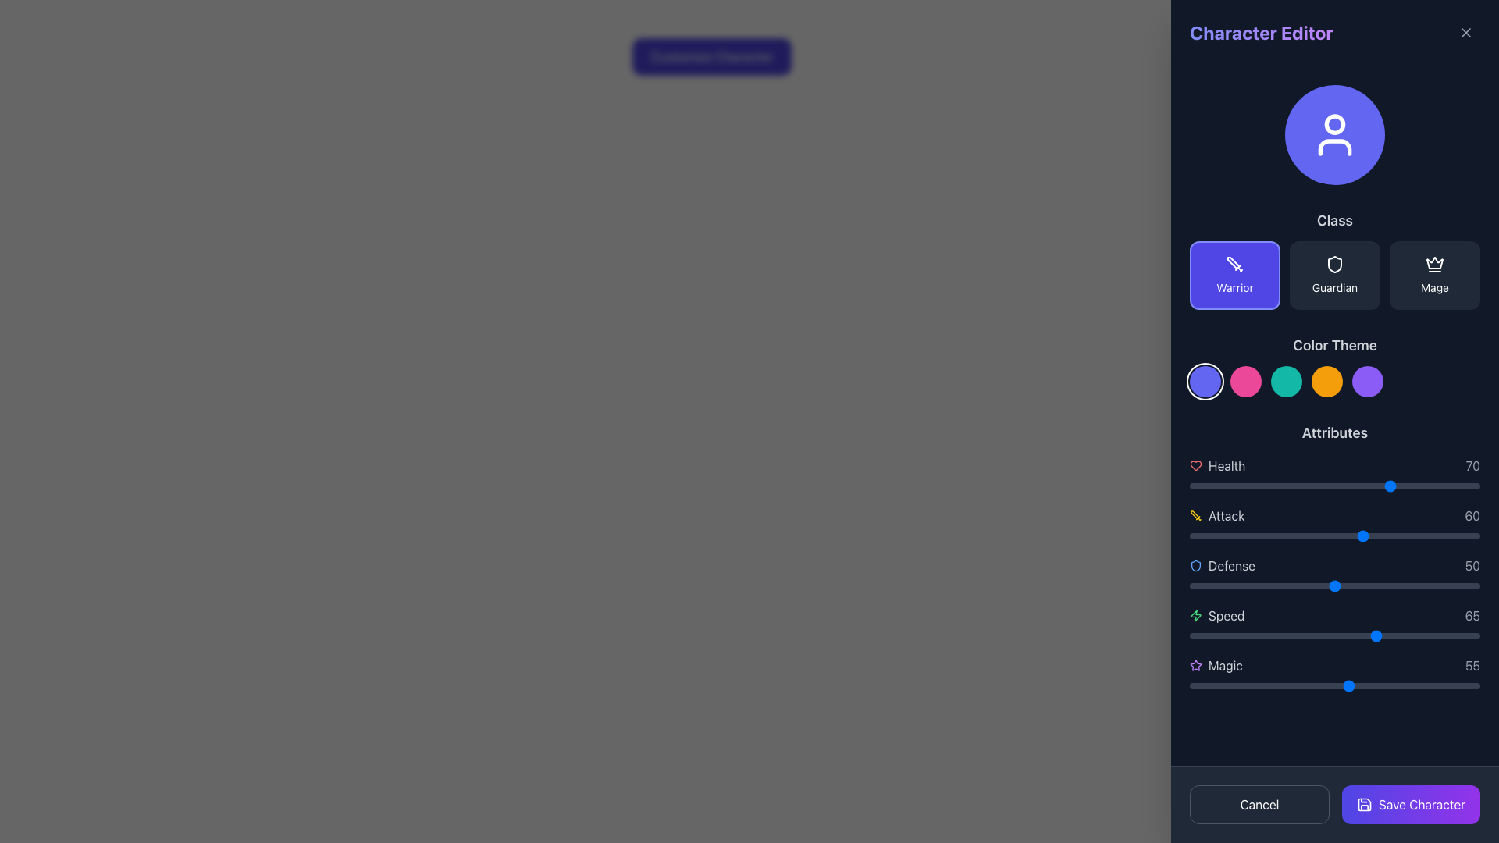 The height and width of the screenshot is (843, 1499). What do you see at coordinates (1195, 465) in the screenshot?
I see `the health attribute icon located in the 'Attributes' section of the right-side panel, positioned to the left of the 'Health' textual indicator` at bounding box center [1195, 465].